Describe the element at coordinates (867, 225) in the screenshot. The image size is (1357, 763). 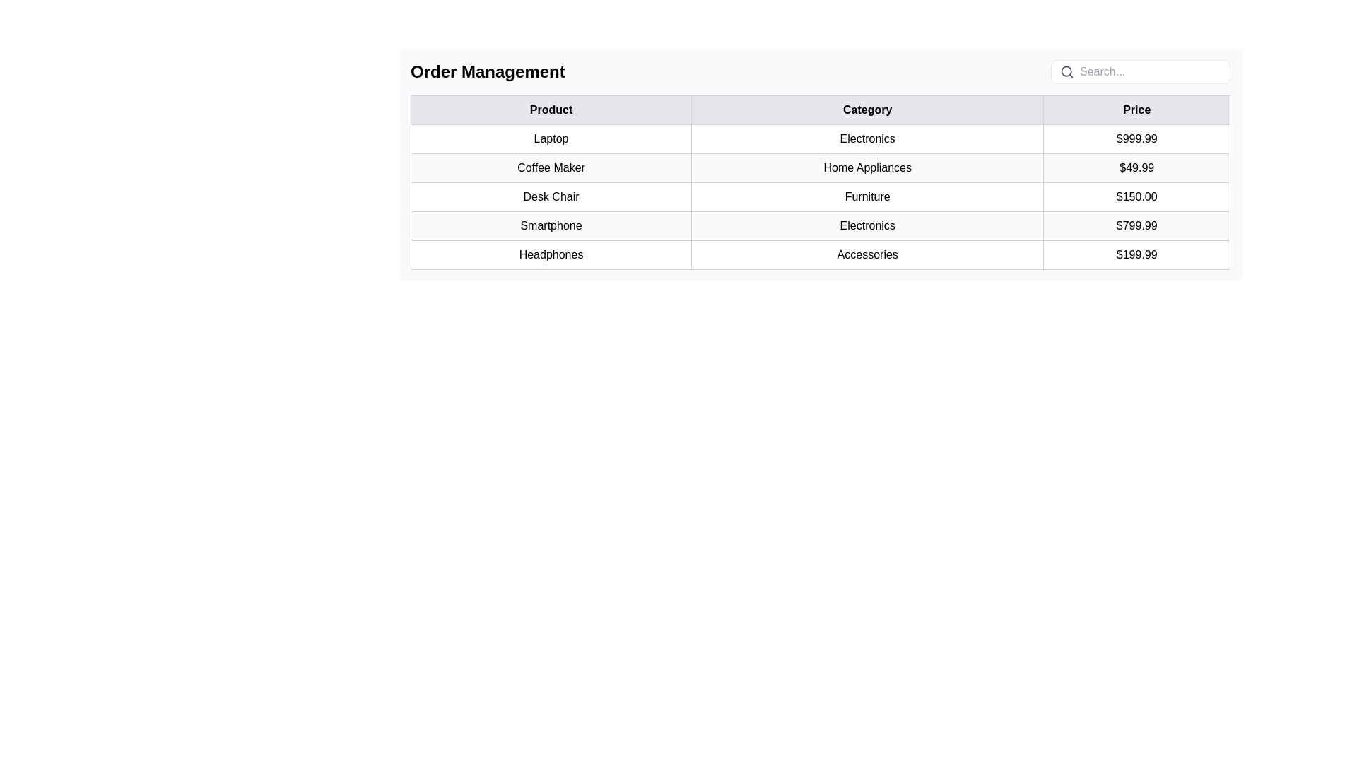
I see `the text label in the second column of the row labeled 'Smartphone' that contains the word 'Electronics'` at that location.